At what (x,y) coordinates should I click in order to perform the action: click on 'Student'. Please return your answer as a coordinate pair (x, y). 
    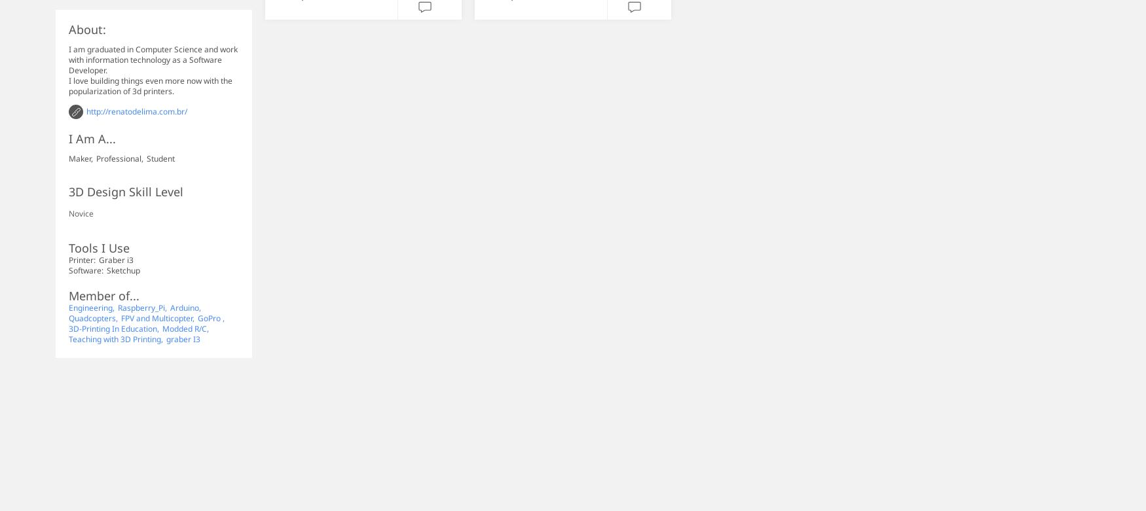
    Looking at the image, I should click on (160, 158).